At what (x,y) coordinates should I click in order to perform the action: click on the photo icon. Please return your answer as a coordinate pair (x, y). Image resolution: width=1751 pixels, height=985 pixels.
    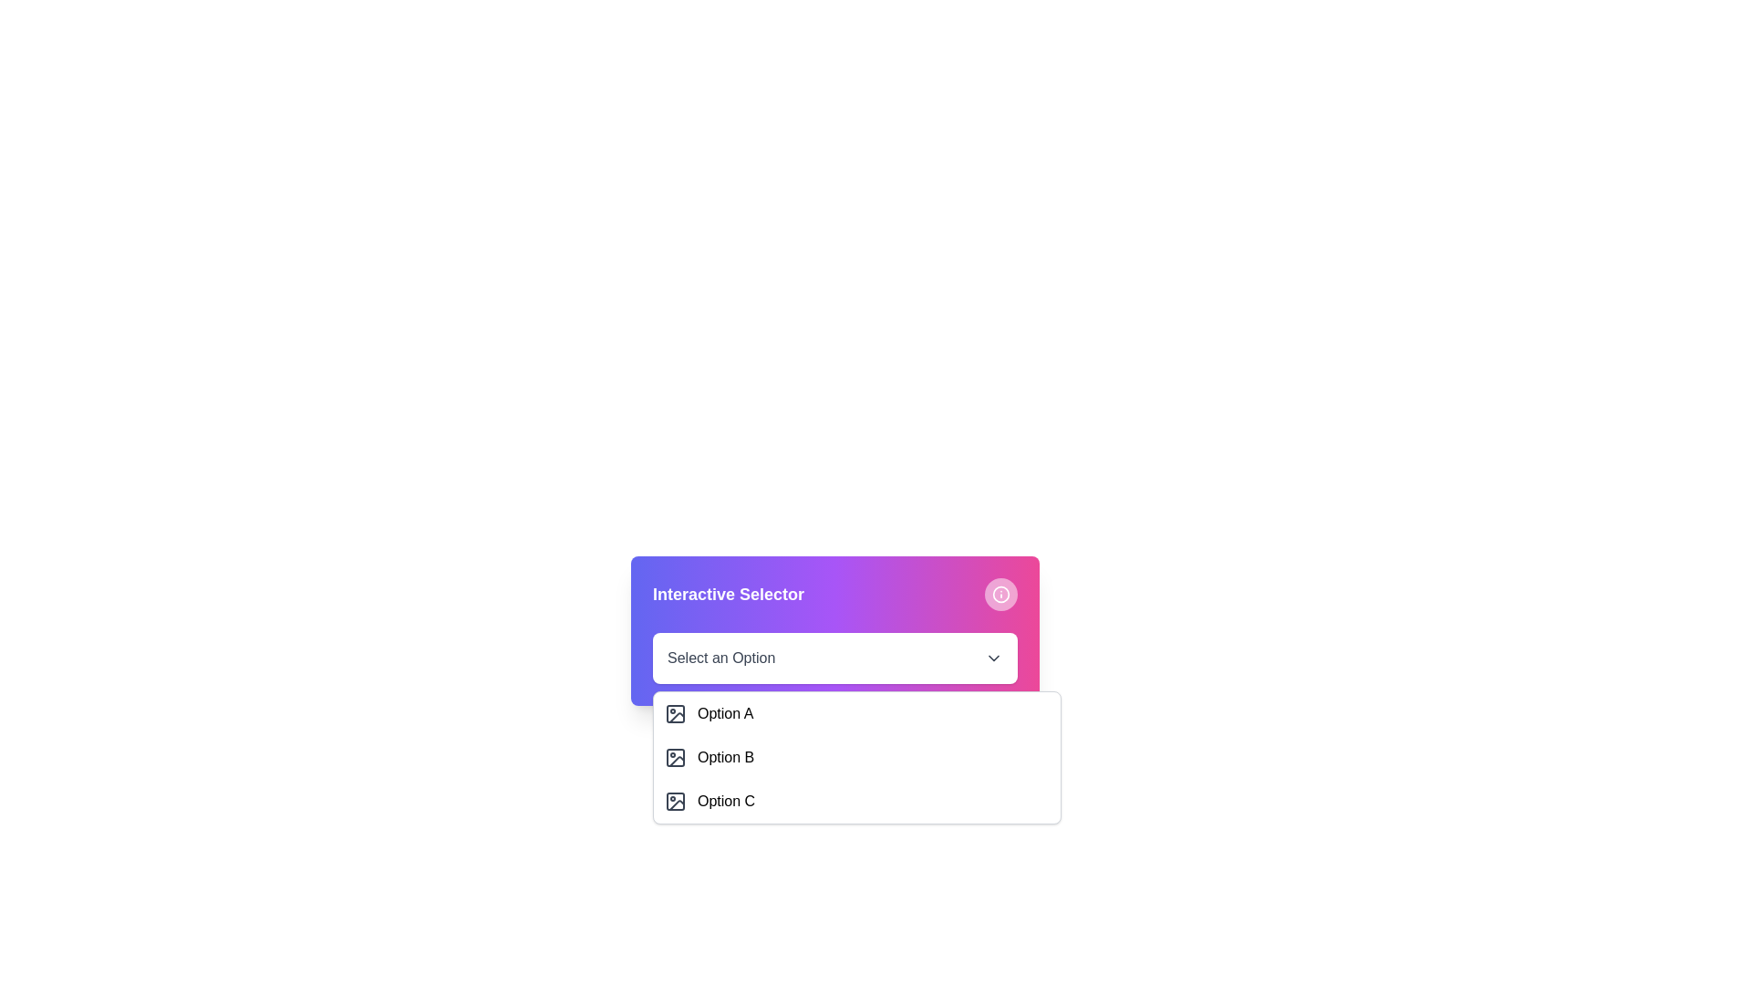
    Looking at the image, I should click on (674, 713).